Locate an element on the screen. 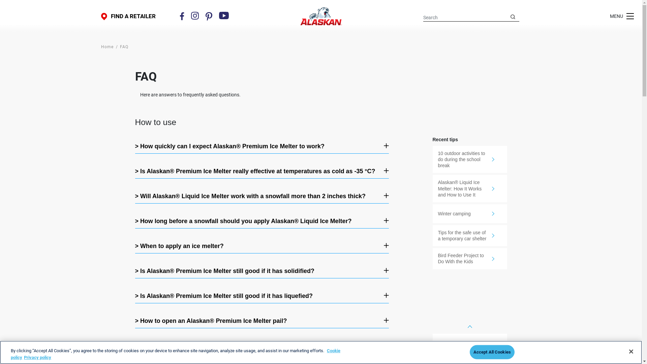 The height and width of the screenshot is (364, 647). 'Winter camping' is located at coordinates (469, 213).